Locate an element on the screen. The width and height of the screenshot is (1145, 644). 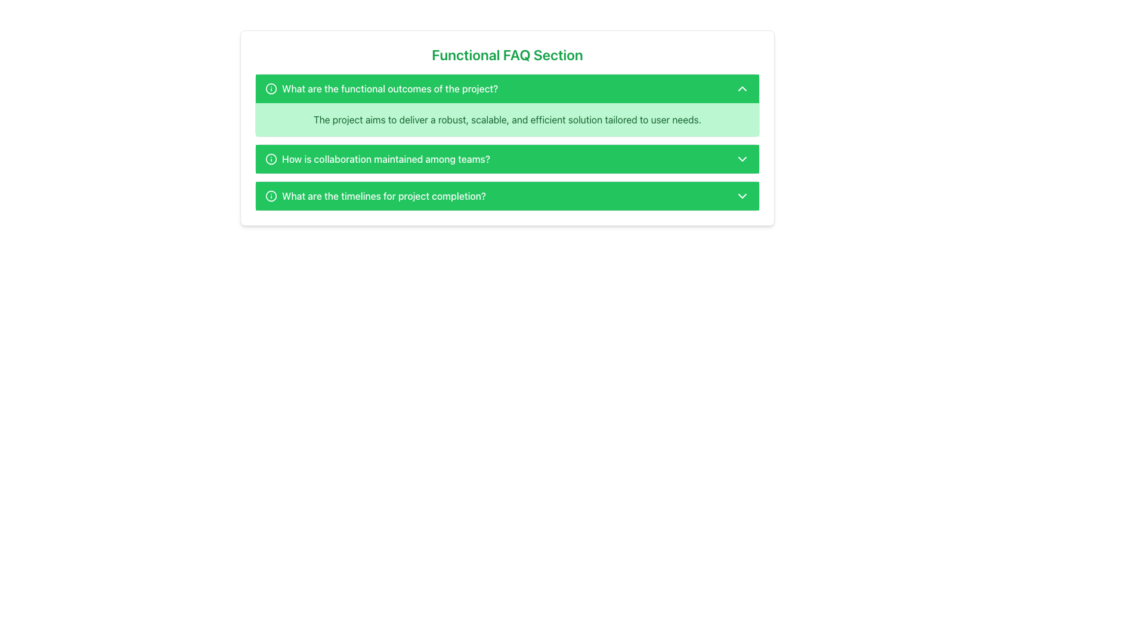
title text at the top of the FAQ section, which provides context for the FAQ items below it is located at coordinates (507, 55).